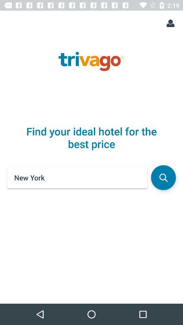 This screenshot has height=325, width=183. I want to click on the icon to the right of the new york icon, so click(163, 177).